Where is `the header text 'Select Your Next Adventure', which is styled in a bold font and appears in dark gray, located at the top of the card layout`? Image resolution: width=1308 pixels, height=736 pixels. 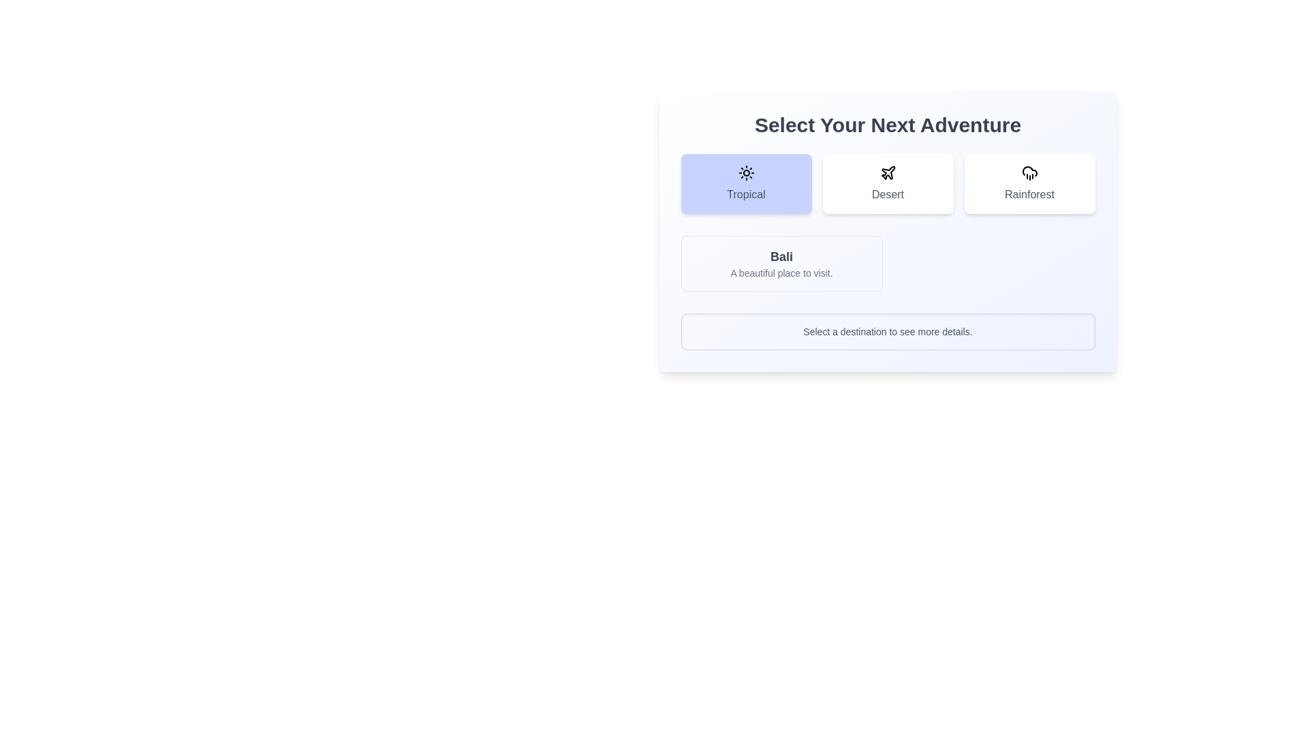
the header text 'Select Your Next Adventure', which is styled in a bold font and appears in dark gray, located at the top of the card layout is located at coordinates (888, 125).